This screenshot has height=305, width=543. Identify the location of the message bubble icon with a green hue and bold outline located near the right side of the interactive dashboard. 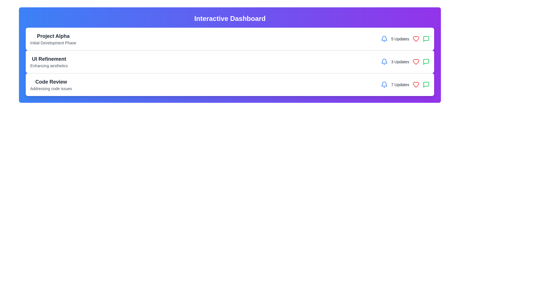
(426, 39).